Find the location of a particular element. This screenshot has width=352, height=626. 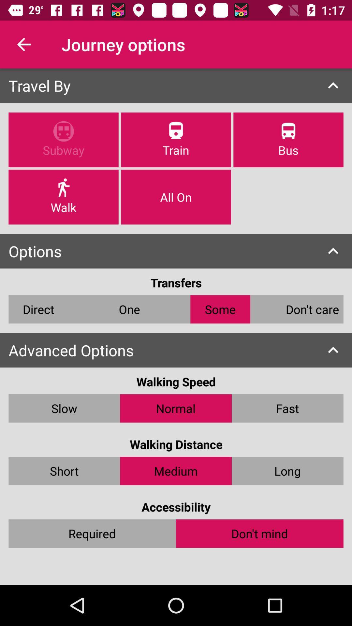

the icon next to fast icon is located at coordinates (175, 408).